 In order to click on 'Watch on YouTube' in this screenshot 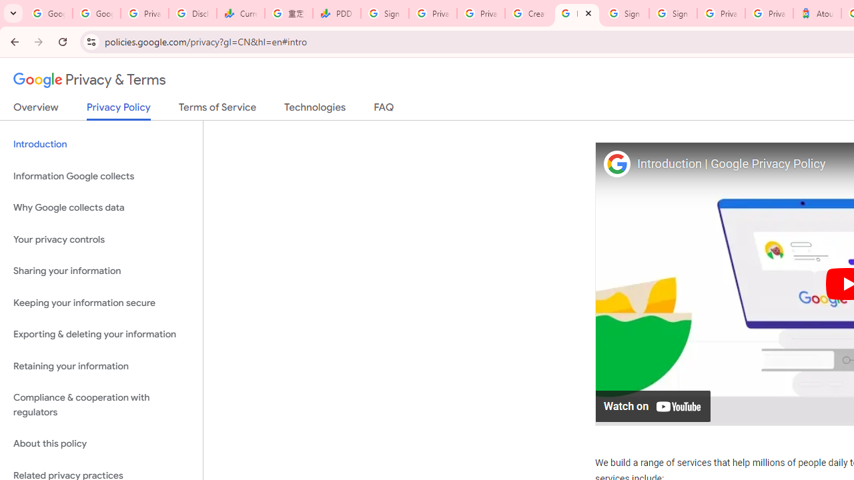, I will do `click(653, 405)`.